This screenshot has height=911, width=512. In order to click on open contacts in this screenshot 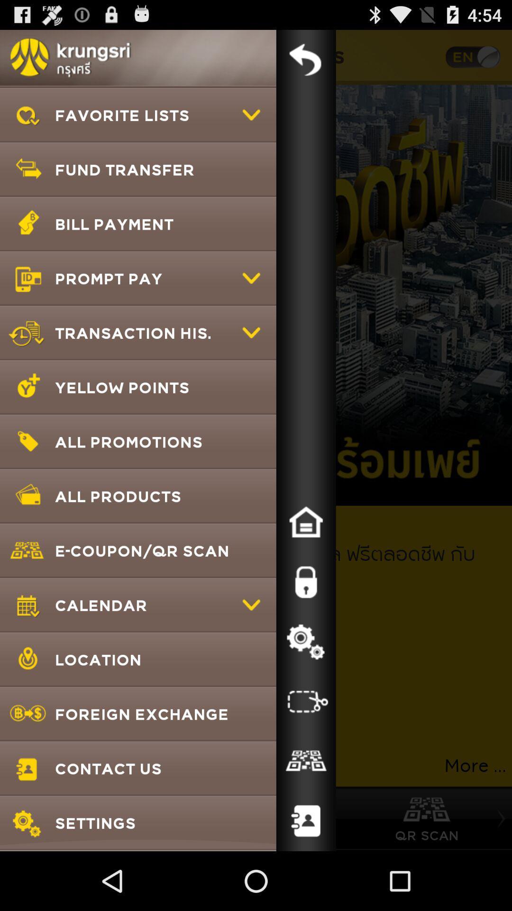, I will do `click(306, 821)`.